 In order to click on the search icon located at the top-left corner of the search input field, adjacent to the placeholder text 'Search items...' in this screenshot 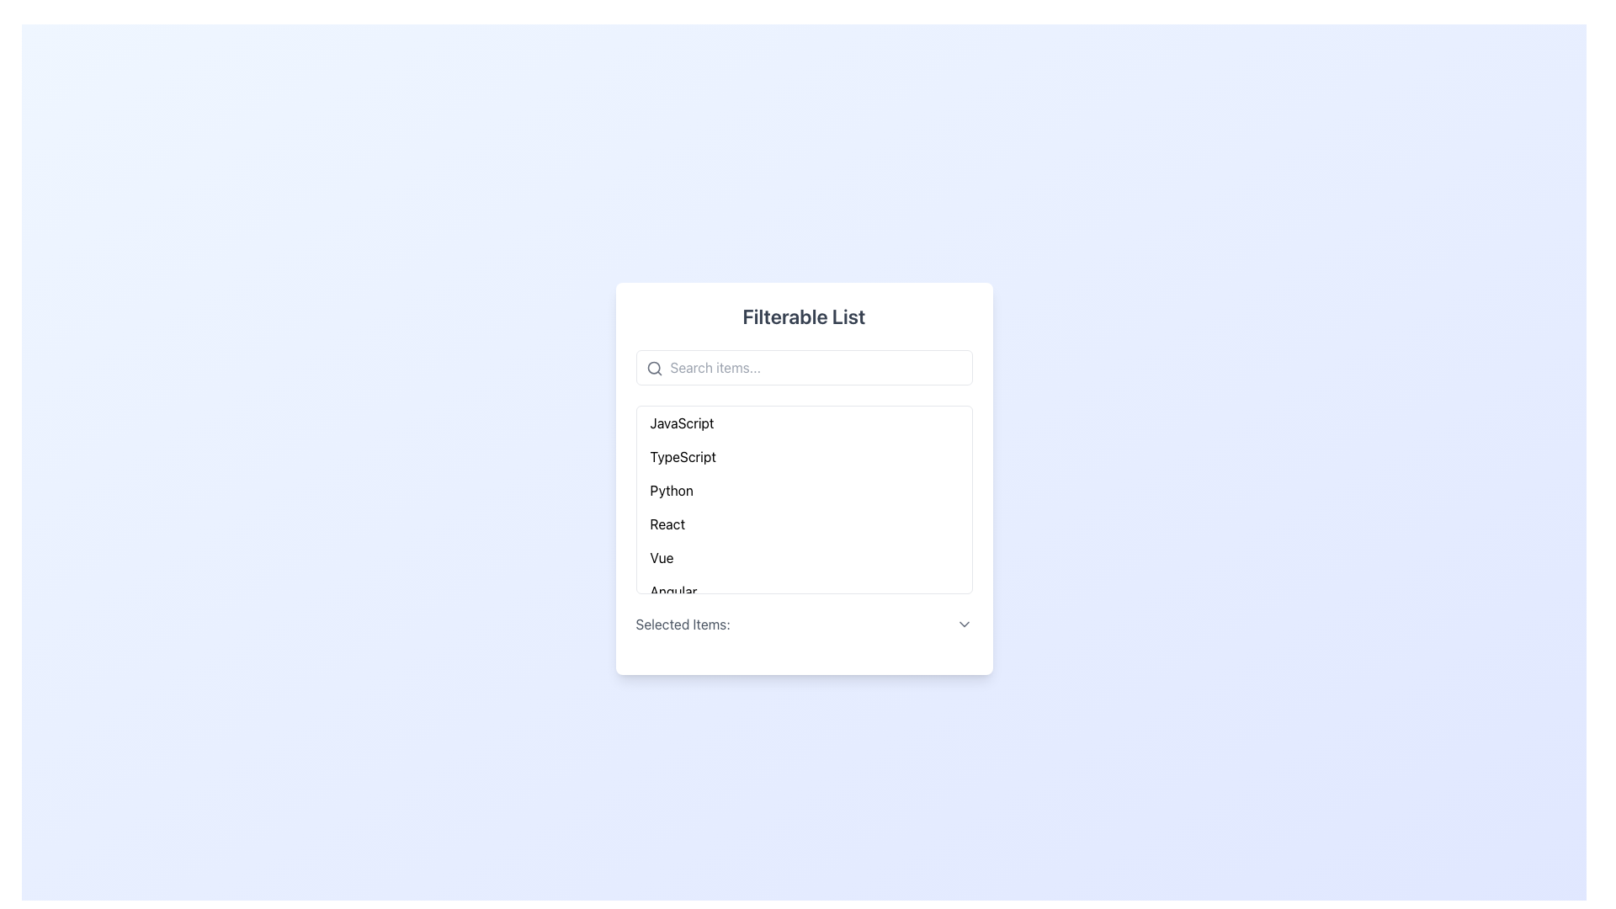, I will do `click(653, 368)`.